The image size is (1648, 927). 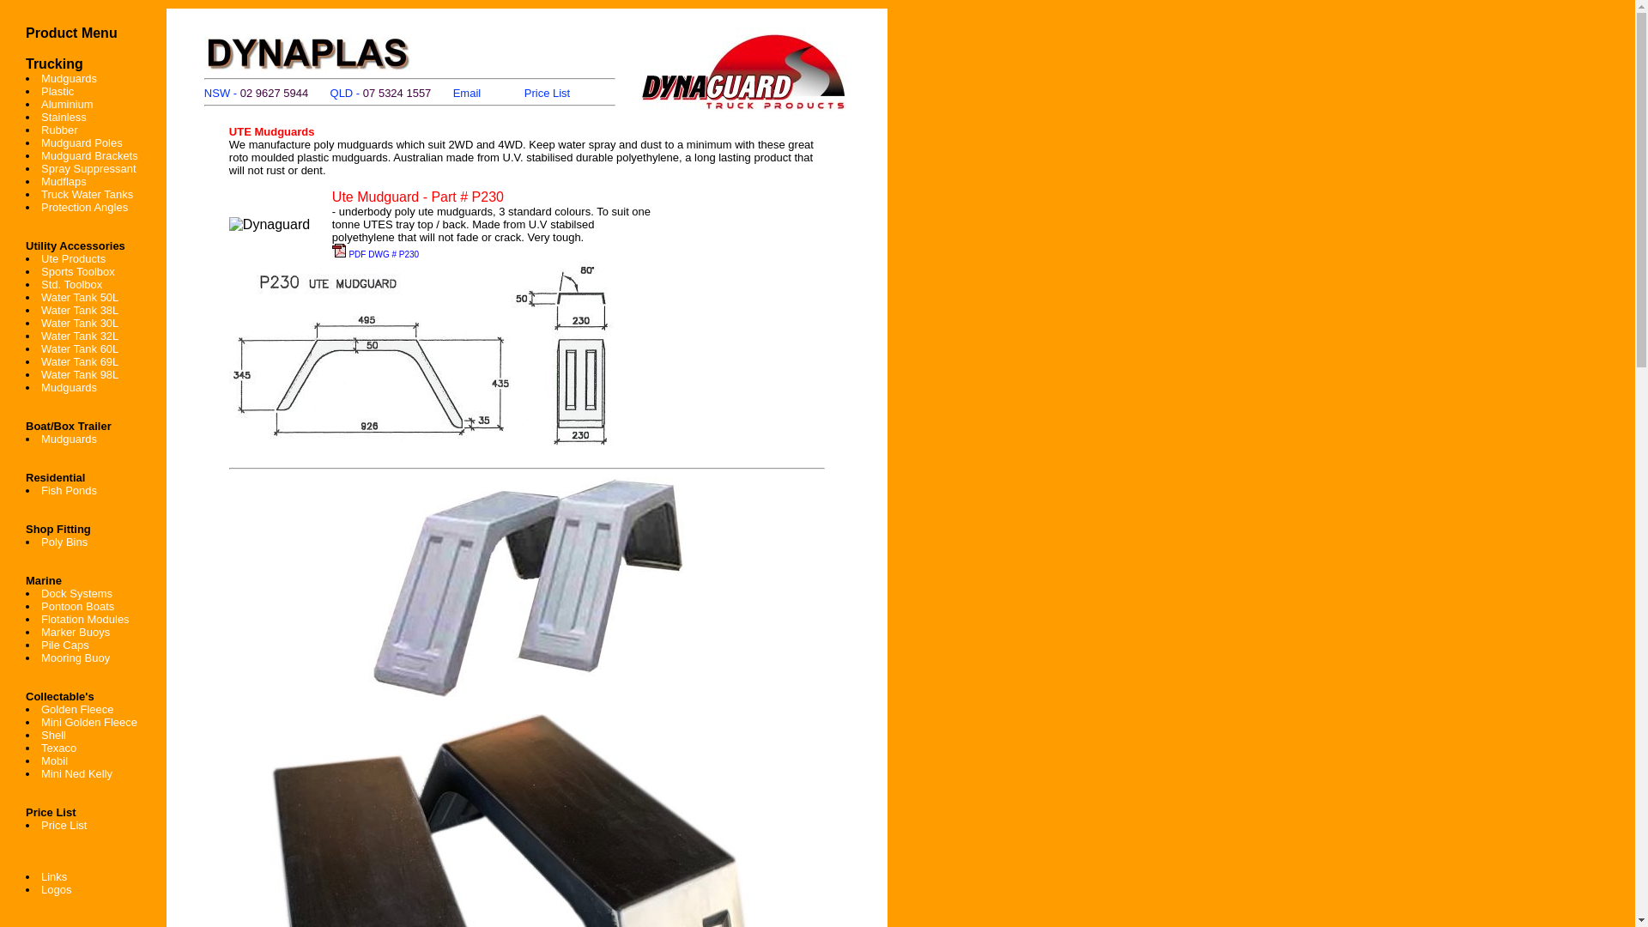 What do you see at coordinates (88, 722) in the screenshot?
I see `'Mini Golden Fleece'` at bounding box center [88, 722].